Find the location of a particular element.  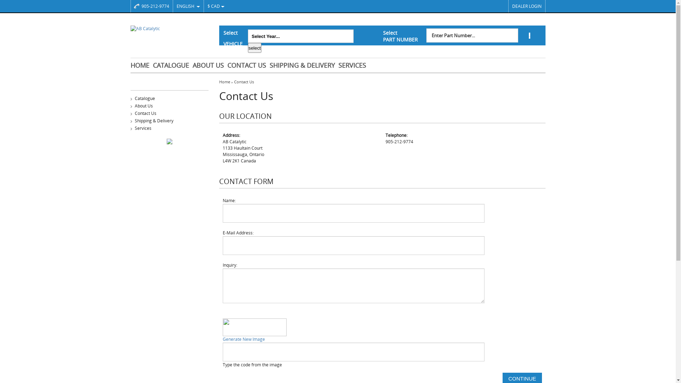

'Services' is located at coordinates (169, 128).